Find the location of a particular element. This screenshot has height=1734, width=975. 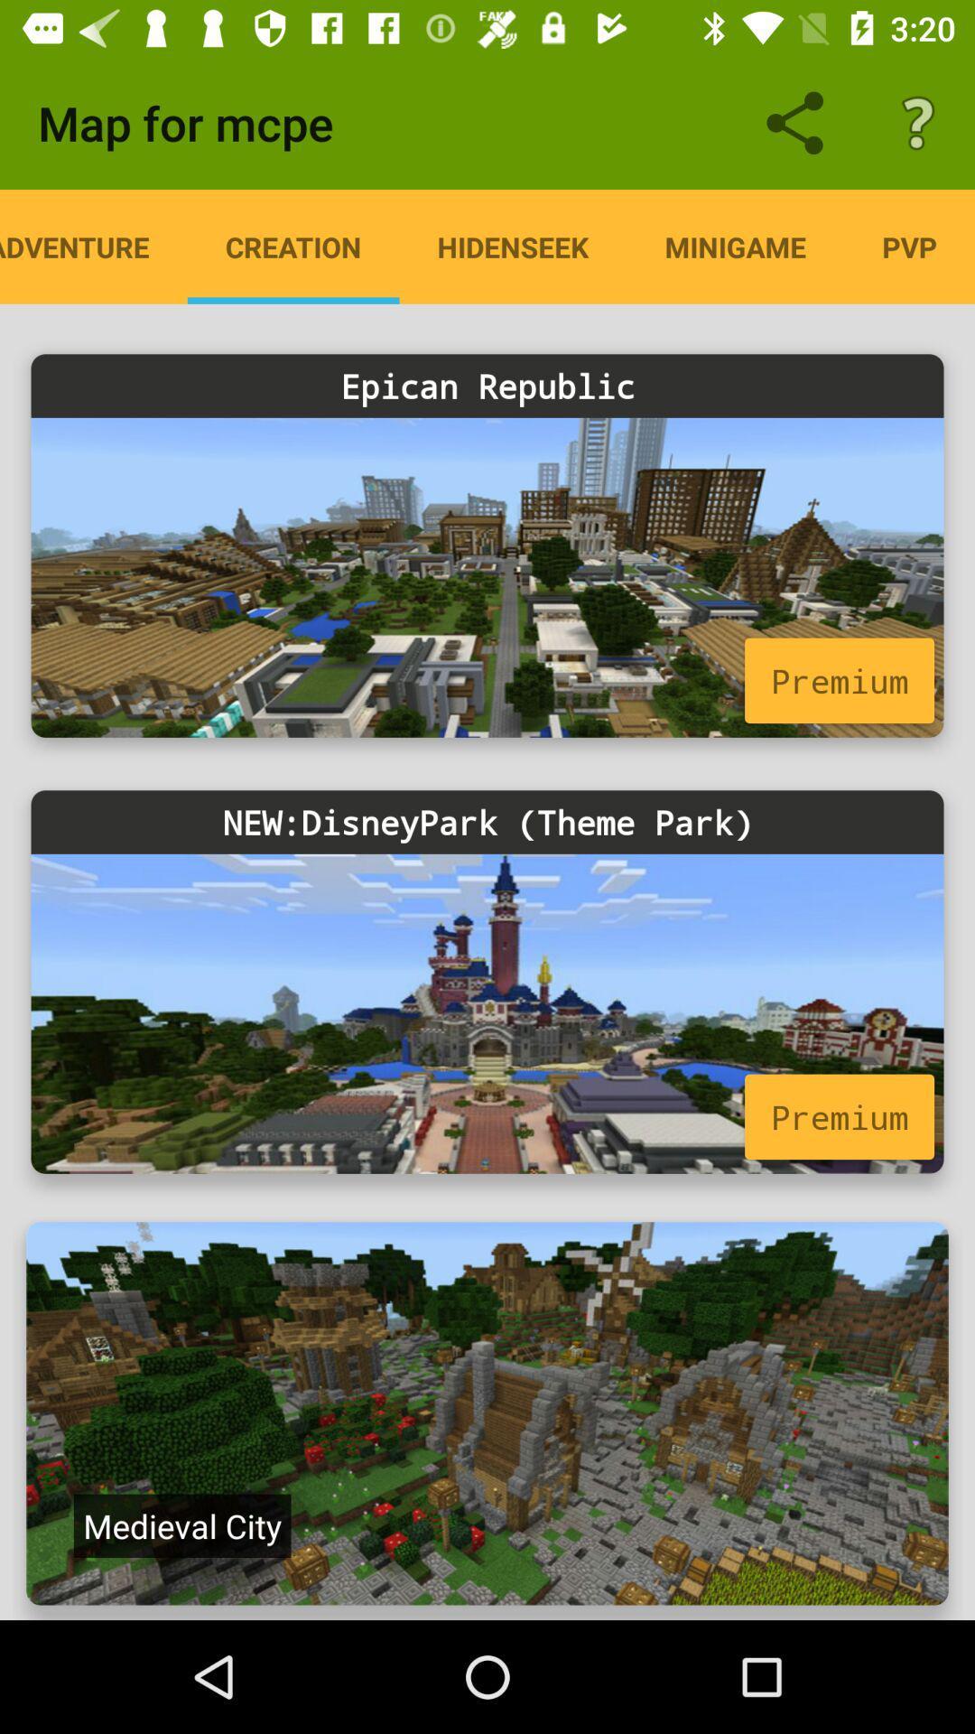

the share icon left to the question mark is located at coordinates (794, 123).